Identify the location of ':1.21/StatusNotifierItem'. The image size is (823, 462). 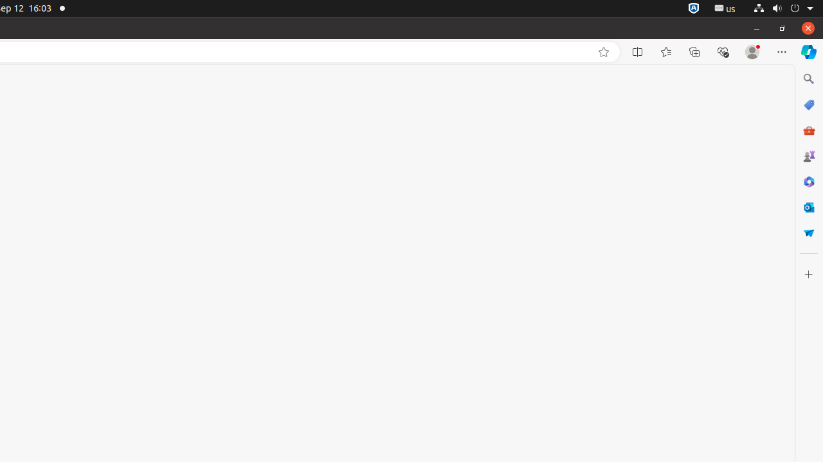
(725, 8).